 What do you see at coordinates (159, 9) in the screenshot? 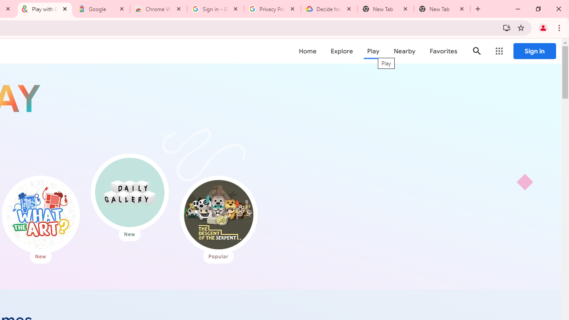
I see `'Chrome Web Store - Color themes by Chrome'` at bounding box center [159, 9].